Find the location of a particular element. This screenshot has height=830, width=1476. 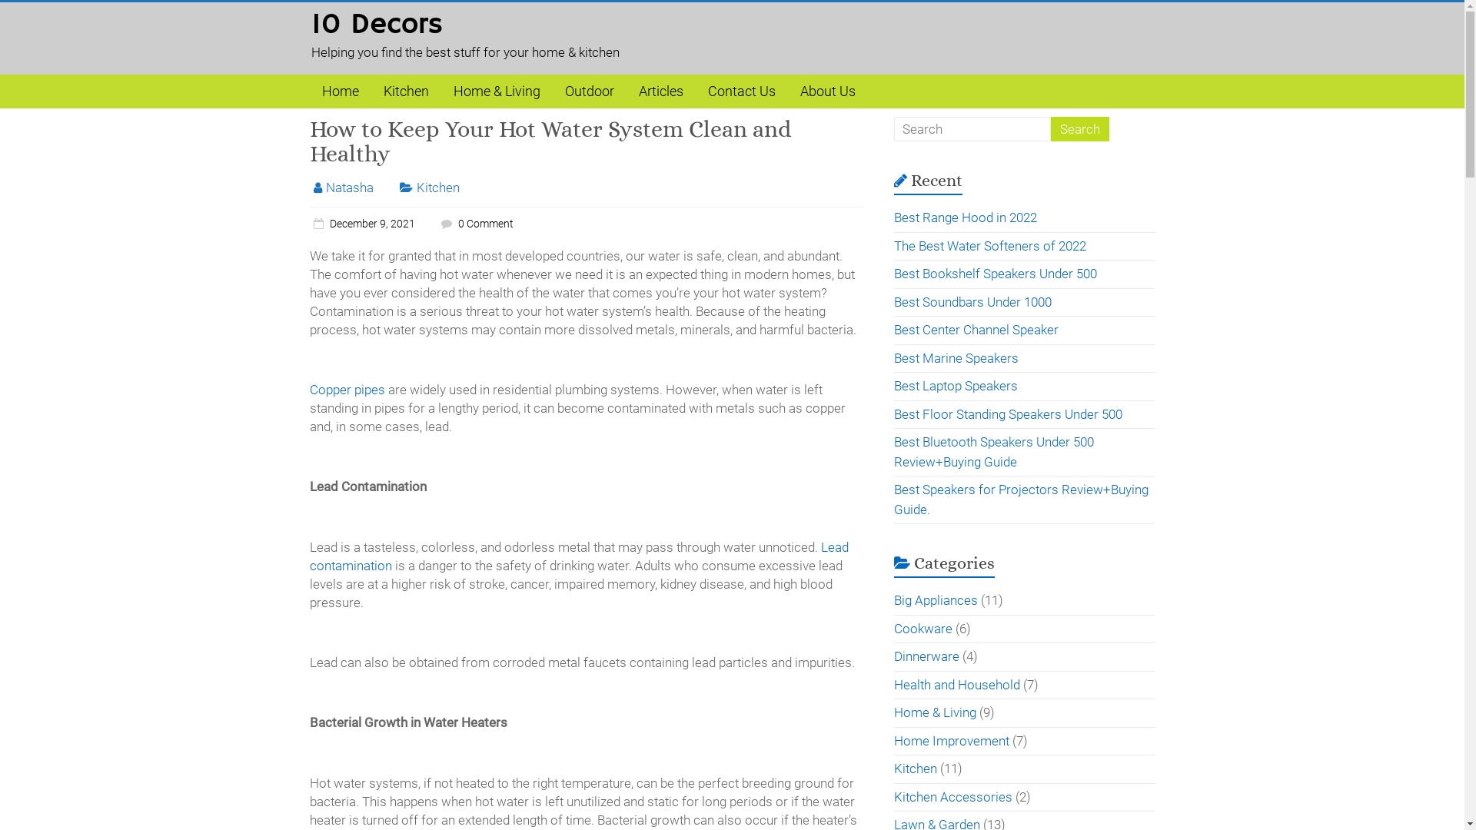

'Articles' is located at coordinates (660, 91).